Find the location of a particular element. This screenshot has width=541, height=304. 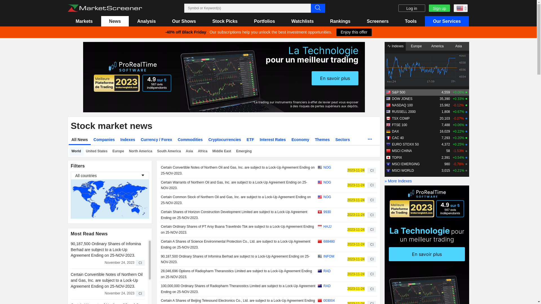

'Themes' is located at coordinates (322, 139).